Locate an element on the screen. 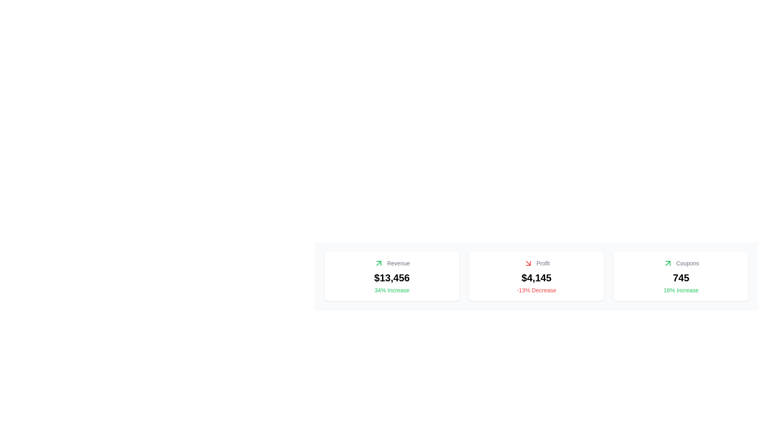 The image size is (784, 441). the text label displaying the number '745', which is centrally located within the rightmost card among three horizontally aligned cards, positioned between the 'Coupons' label above and the '18% Increase' description below is located at coordinates (681, 278).